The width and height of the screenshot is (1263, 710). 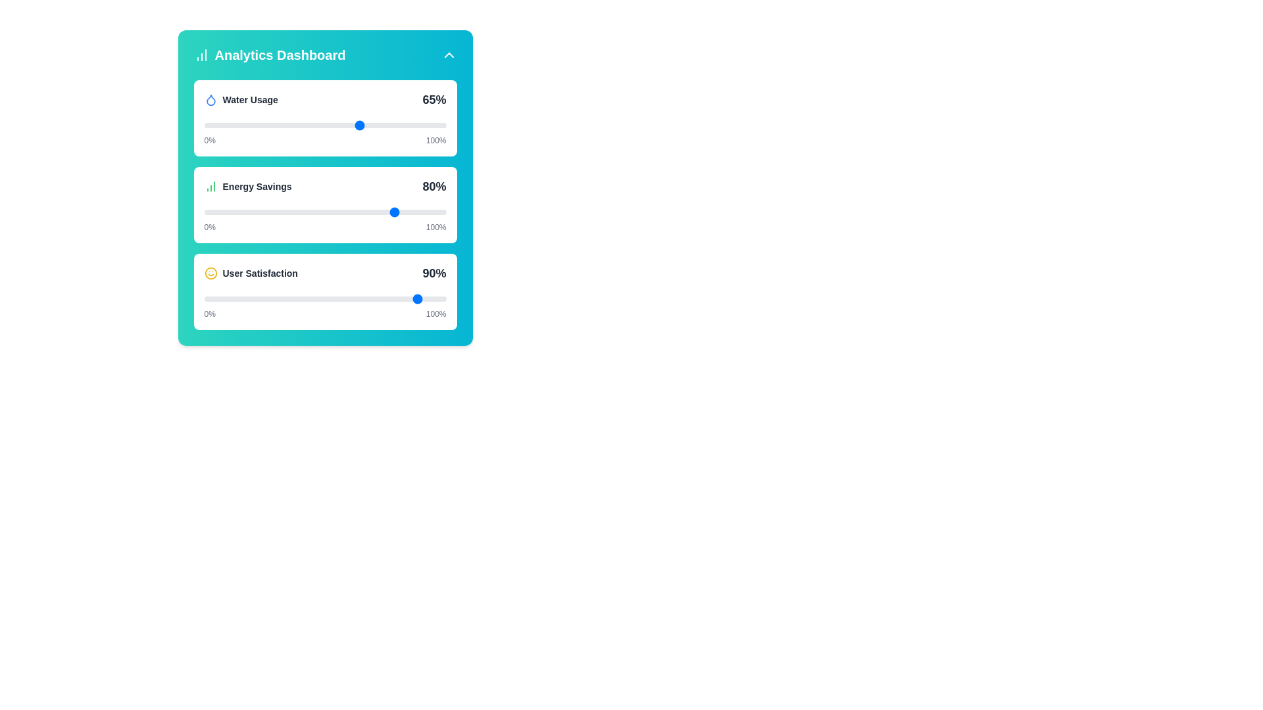 I want to click on the static text label displaying '100%' located on the far right side of the progress bar in the 'Water Usage' section of the 'Analytics Dashboard', so click(x=436, y=140).